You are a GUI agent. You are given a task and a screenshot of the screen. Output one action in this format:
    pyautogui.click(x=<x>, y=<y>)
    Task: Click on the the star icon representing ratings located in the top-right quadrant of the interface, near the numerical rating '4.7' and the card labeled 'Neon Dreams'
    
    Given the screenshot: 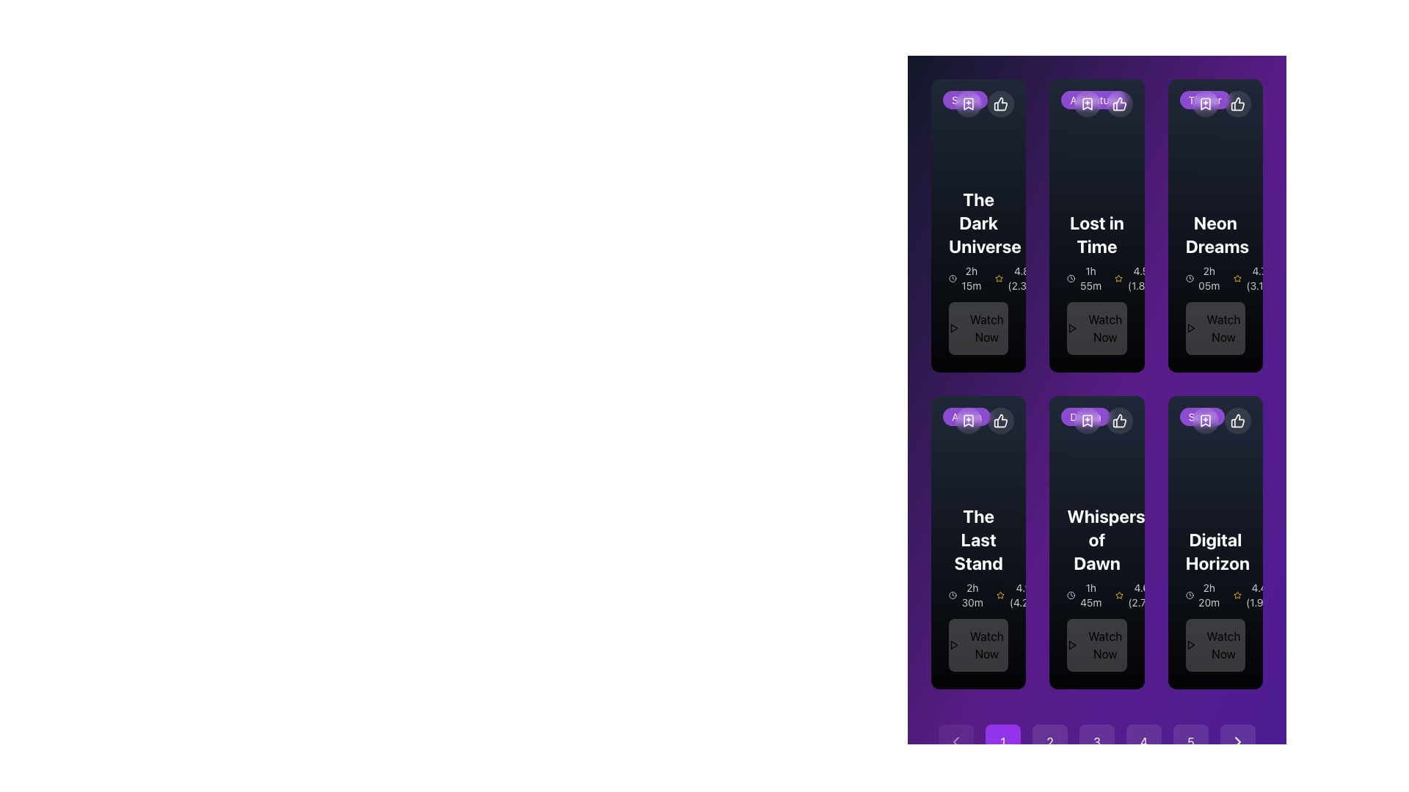 What is the action you would take?
    pyautogui.click(x=1237, y=279)
    